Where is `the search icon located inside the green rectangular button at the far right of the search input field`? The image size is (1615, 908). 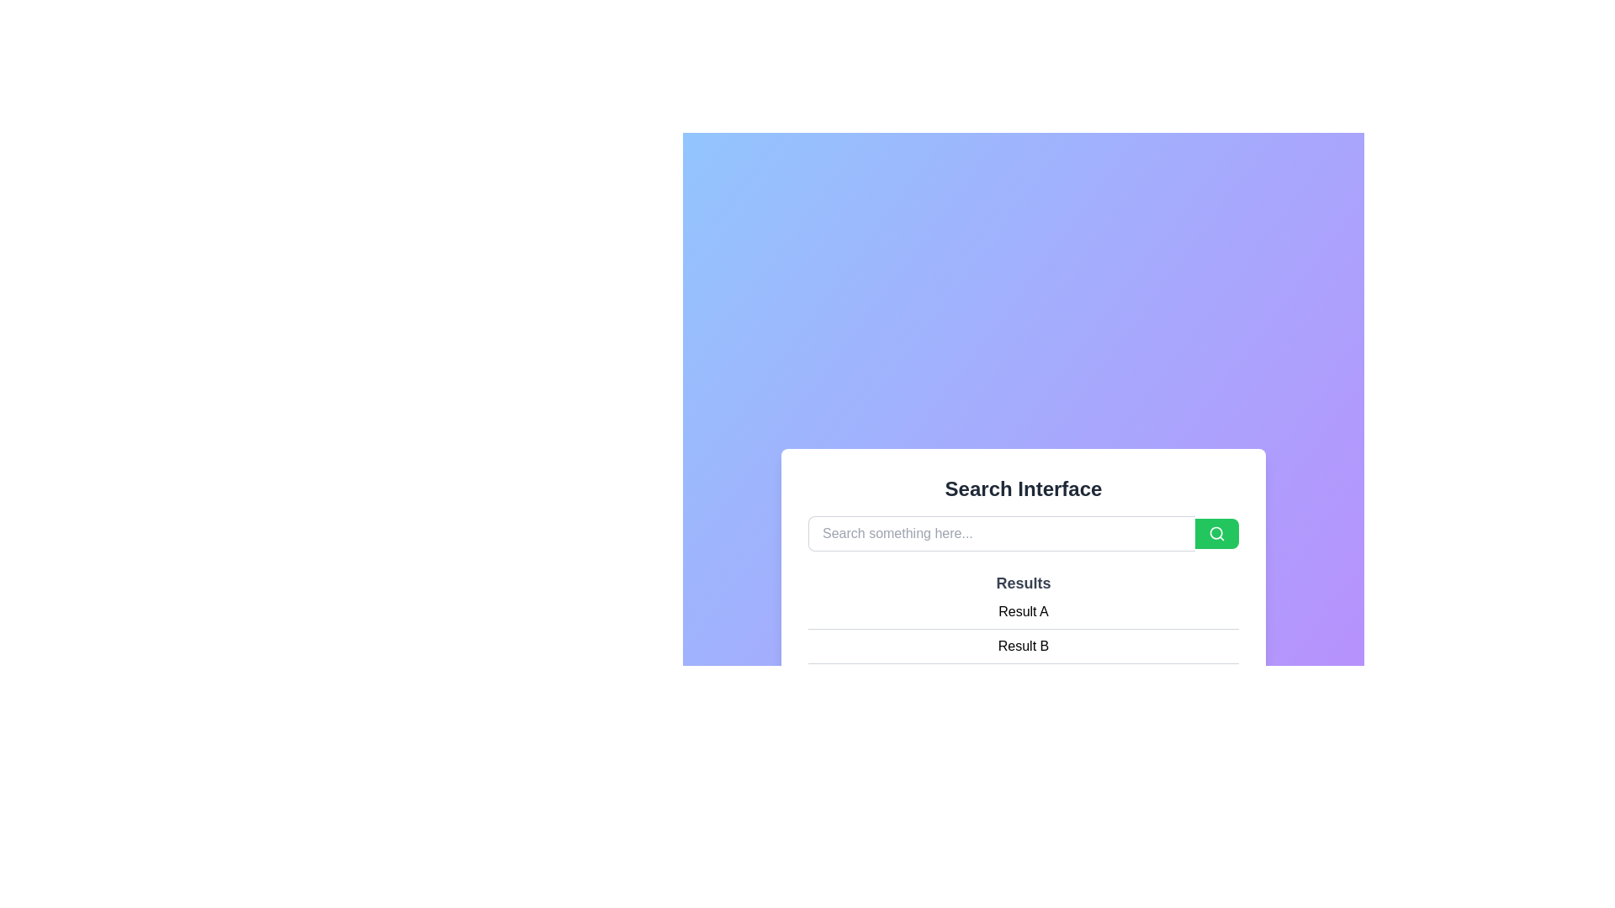 the search icon located inside the green rectangular button at the far right of the search input field is located at coordinates (1216, 534).